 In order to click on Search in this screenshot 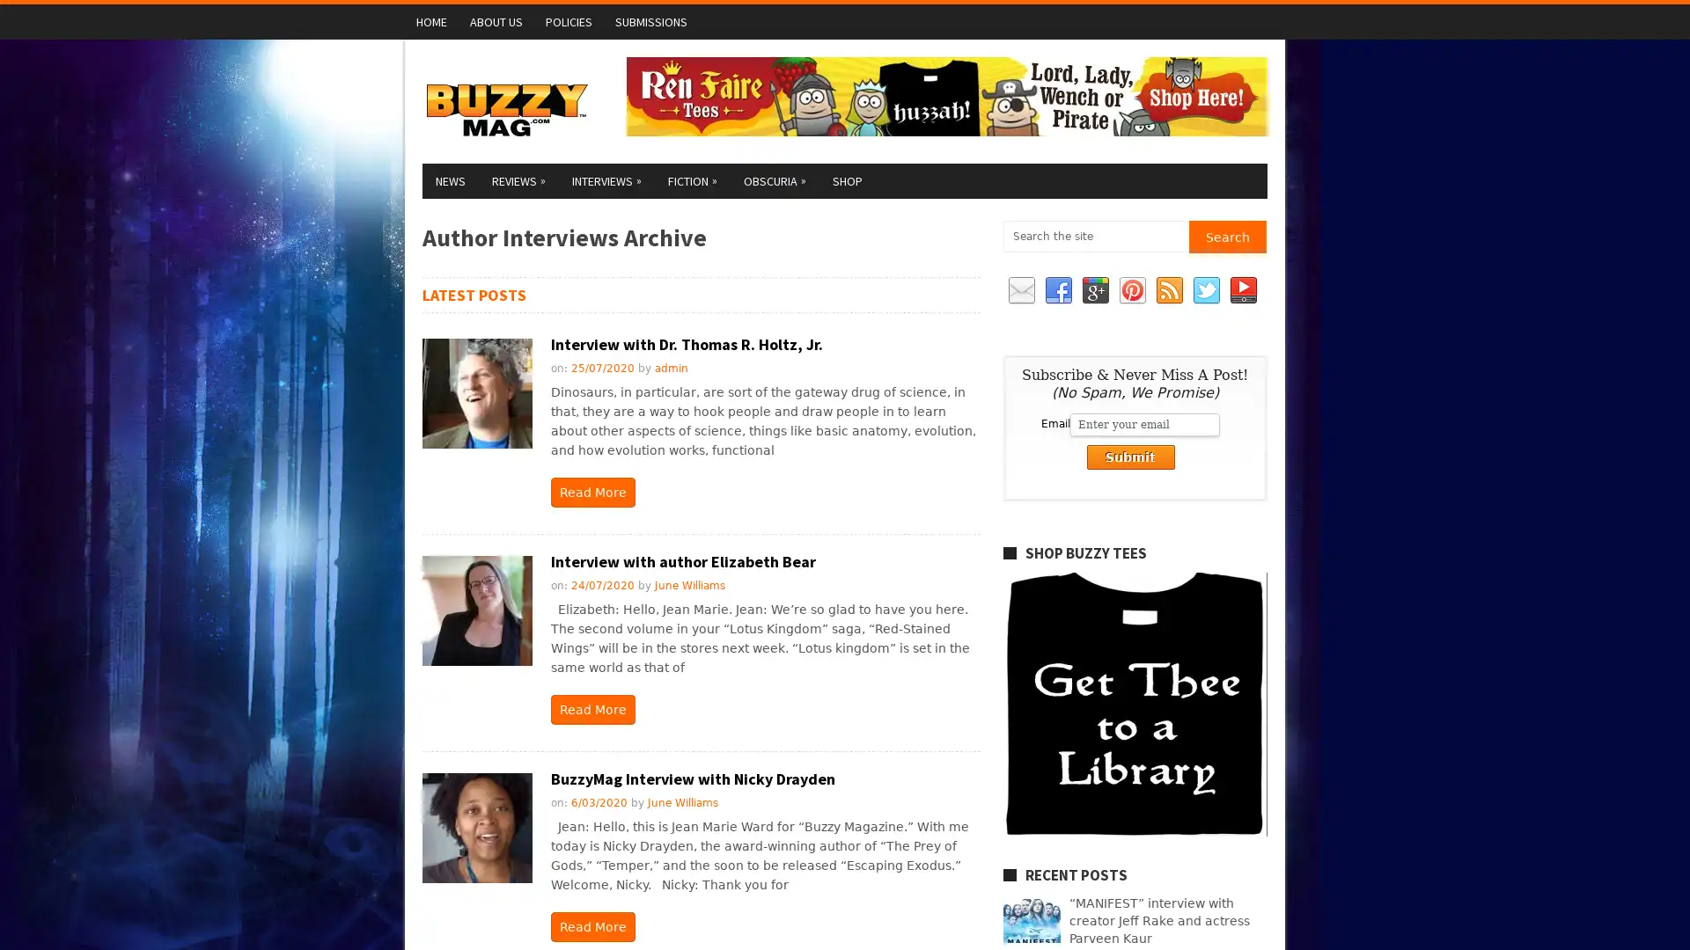, I will do `click(1226, 236)`.